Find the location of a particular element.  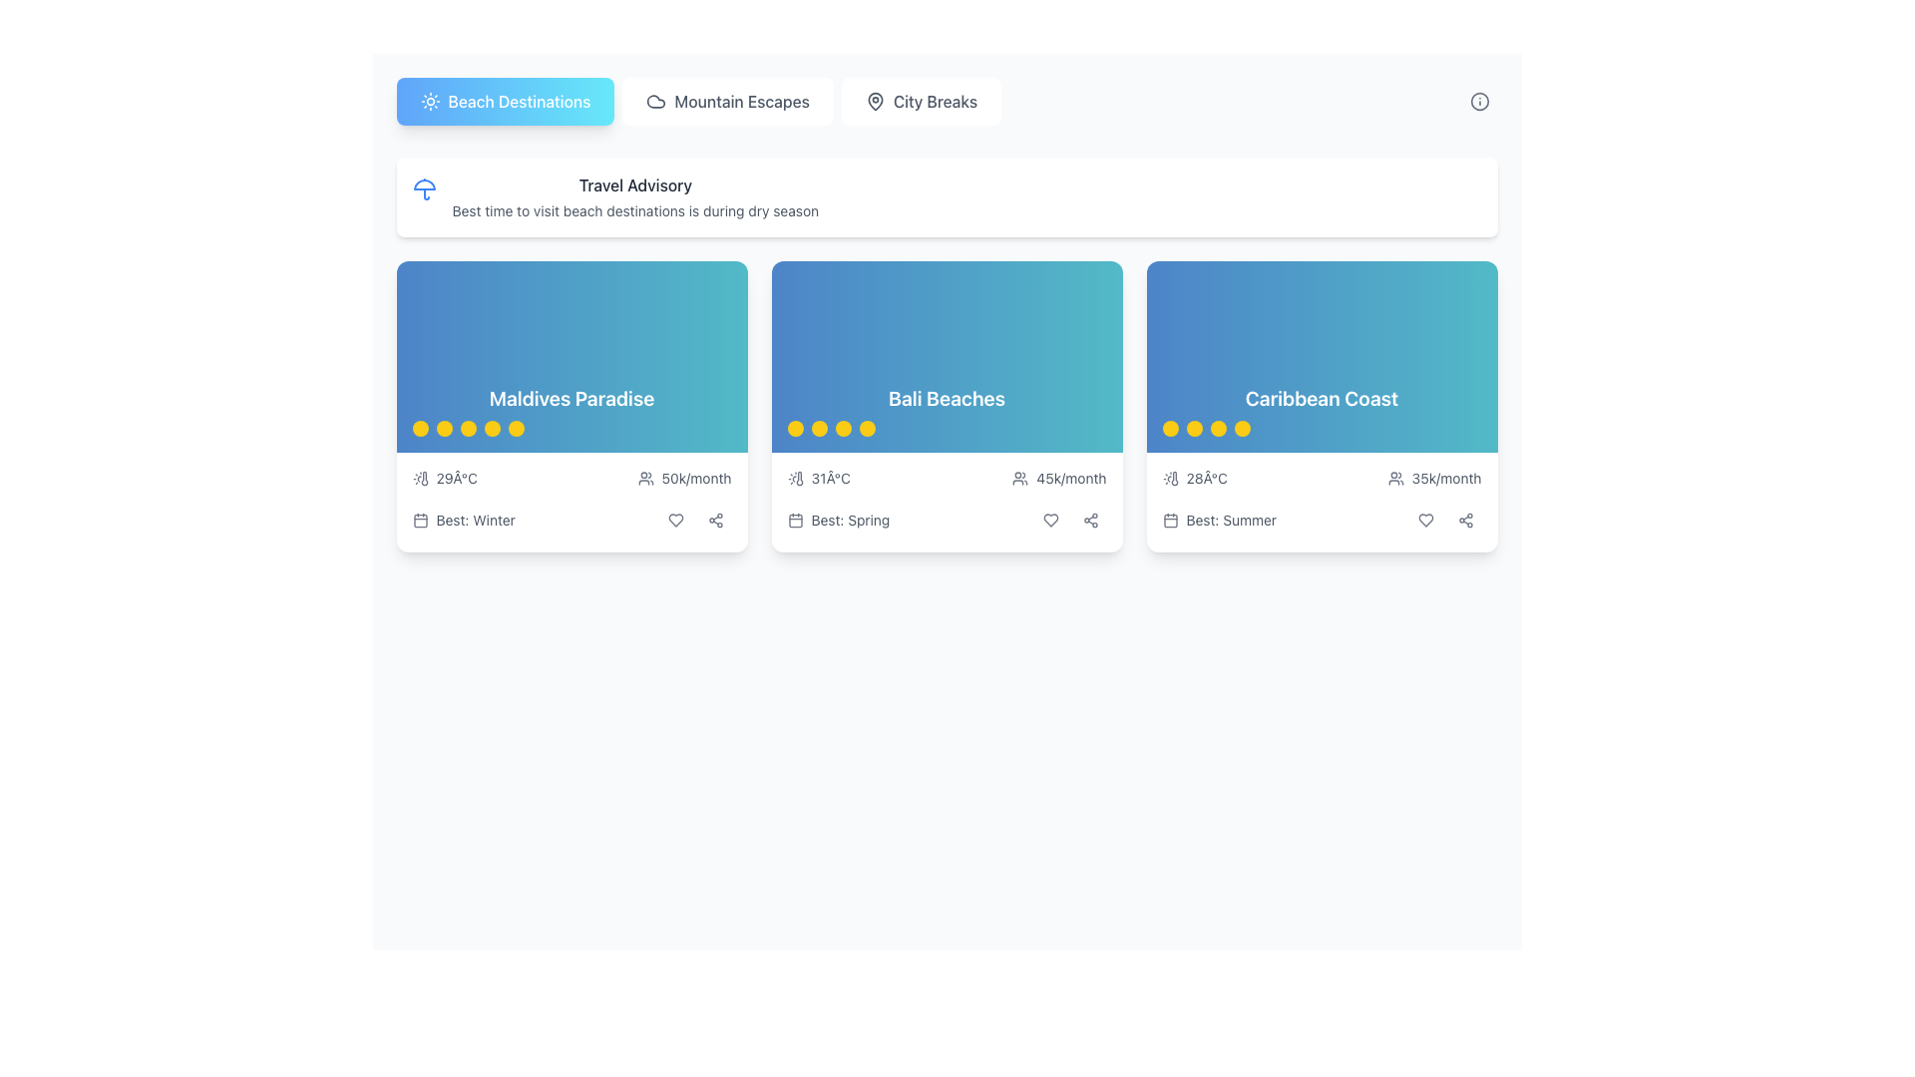

the cost indication text label adjacent to the icon in the middle card of the horizontal list, under the title 'Bali Beaches', if interactive elements are detected nearby is located at coordinates (1057, 478).